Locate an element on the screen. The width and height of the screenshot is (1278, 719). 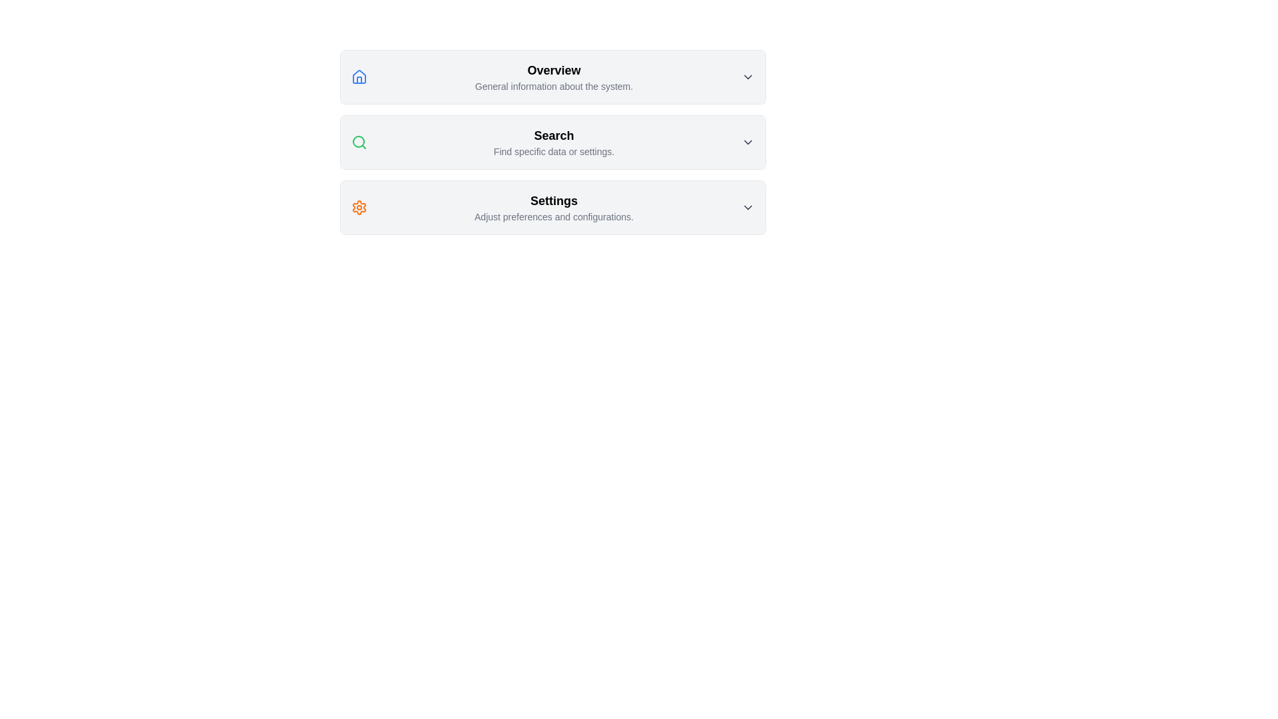
the green magnifying glass icon located in the 'Search' section to trigger a tooltip or visual feedback is located at coordinates (359, 142).